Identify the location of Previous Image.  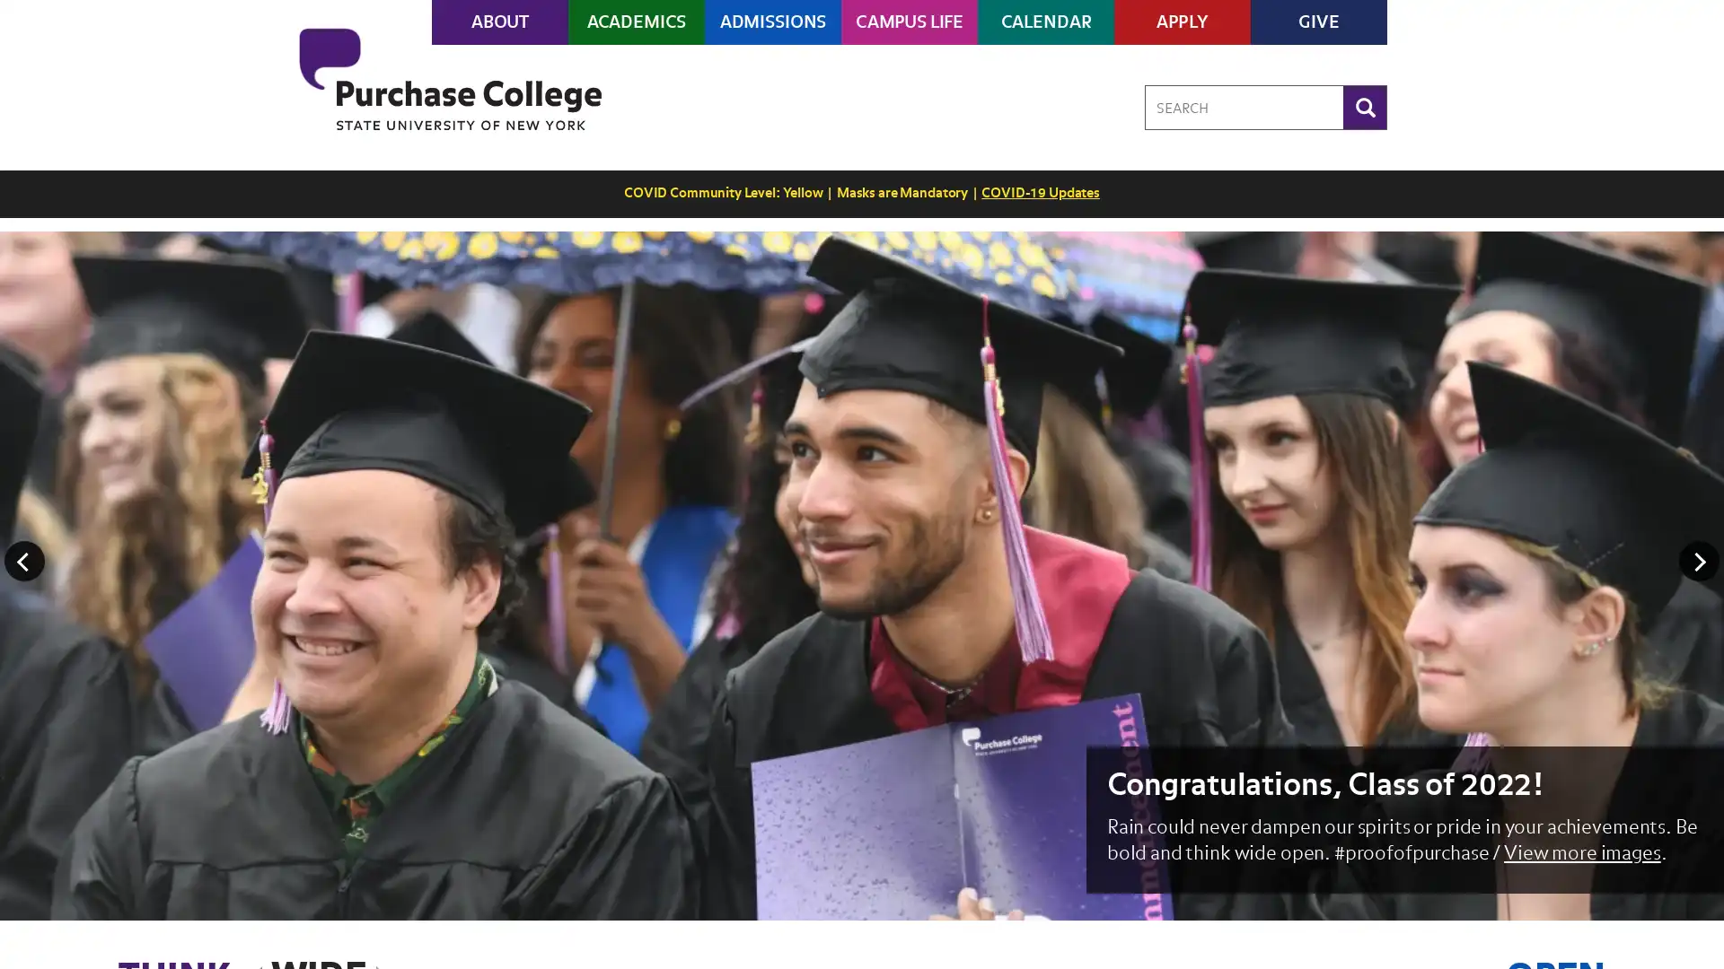
(24, 560).